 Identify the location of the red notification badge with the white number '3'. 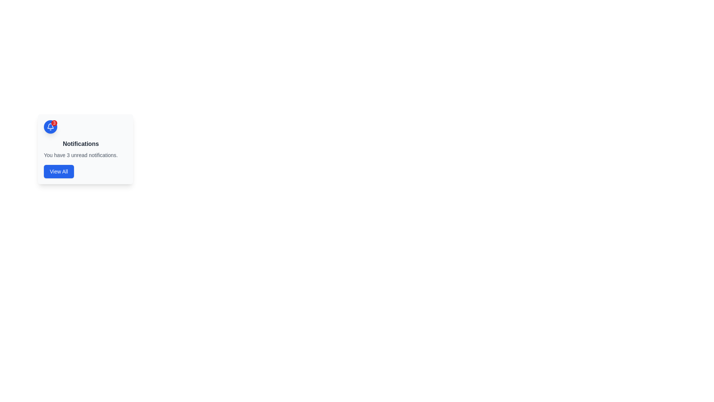
(54, 123).